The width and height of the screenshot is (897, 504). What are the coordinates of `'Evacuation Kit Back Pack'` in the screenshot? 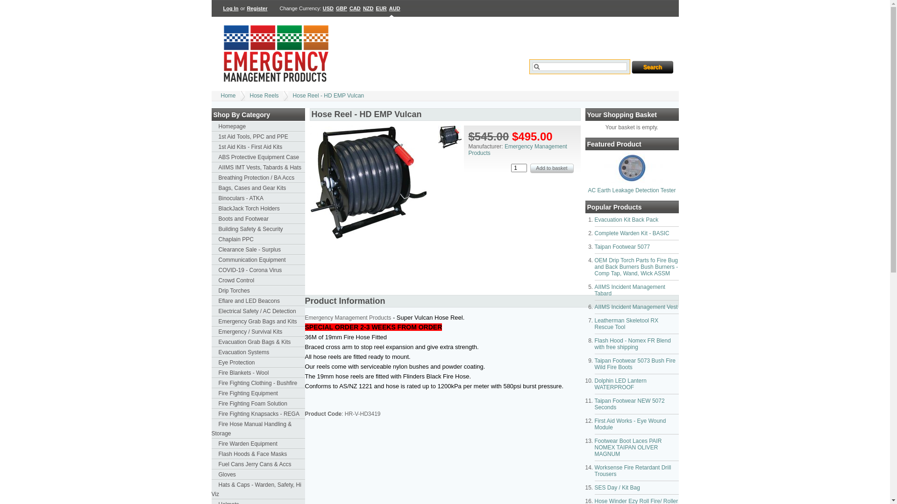 It's located at (626, 219).